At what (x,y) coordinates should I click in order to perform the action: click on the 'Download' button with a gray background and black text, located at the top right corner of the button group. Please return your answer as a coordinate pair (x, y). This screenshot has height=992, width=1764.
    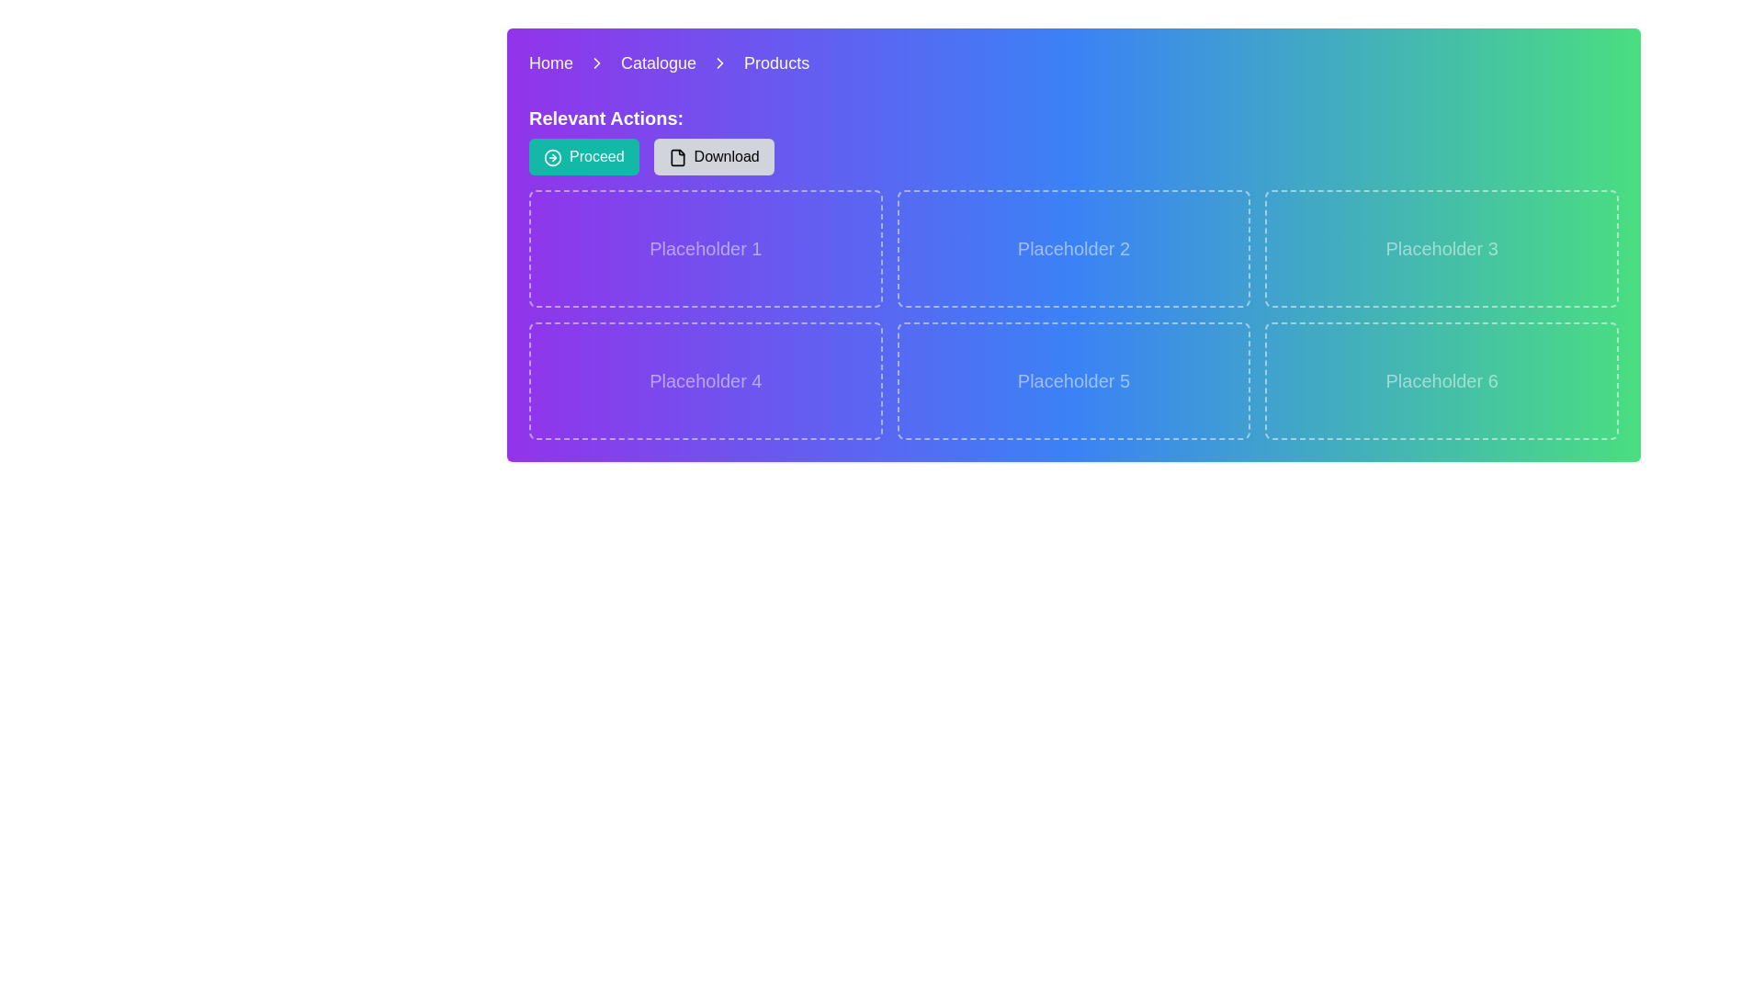
    Looking at the image, I should click on (713, 155).